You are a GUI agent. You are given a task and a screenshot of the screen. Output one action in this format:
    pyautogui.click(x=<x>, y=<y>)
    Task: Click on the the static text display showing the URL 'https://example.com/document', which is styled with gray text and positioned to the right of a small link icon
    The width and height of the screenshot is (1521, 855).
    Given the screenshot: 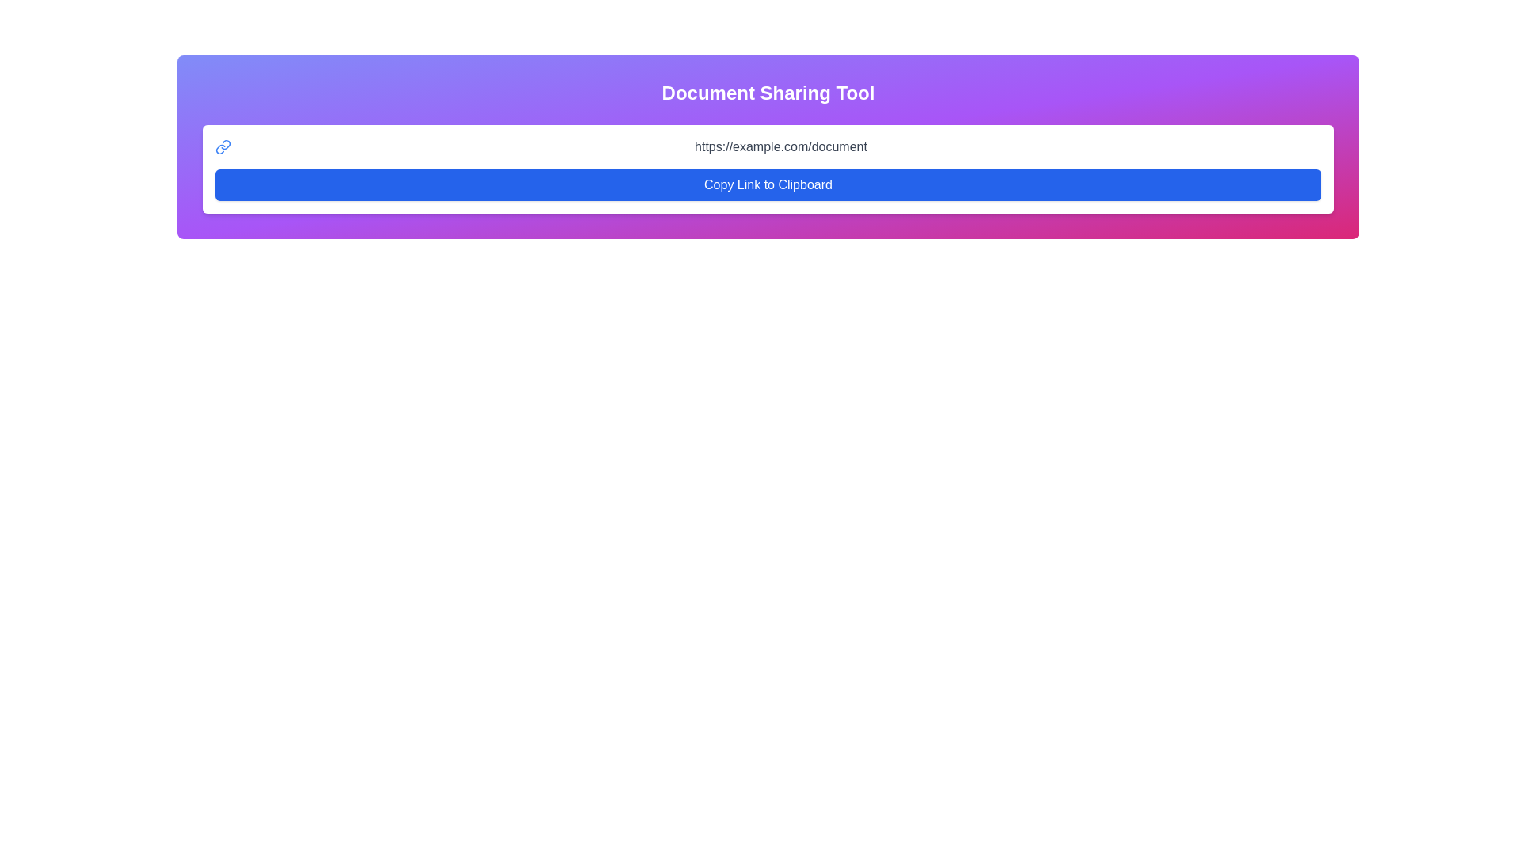 What is the action you would take?
    pyautogui.click(x=780, y=146)
    